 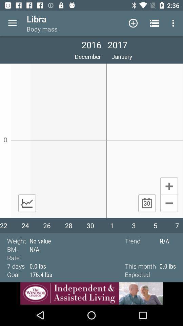 I want to click on the add icon, so click(x=169, y=186).